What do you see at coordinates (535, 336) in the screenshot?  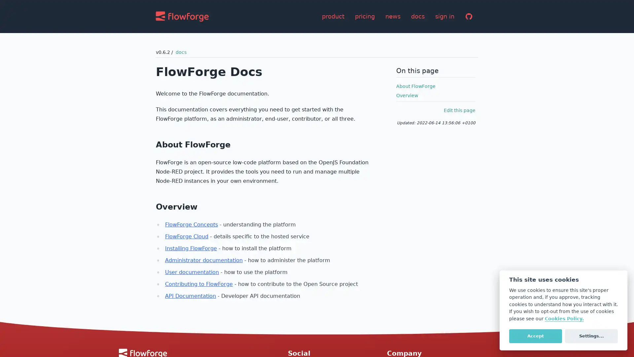 I see `Accept` at bounding box center [535, 336].